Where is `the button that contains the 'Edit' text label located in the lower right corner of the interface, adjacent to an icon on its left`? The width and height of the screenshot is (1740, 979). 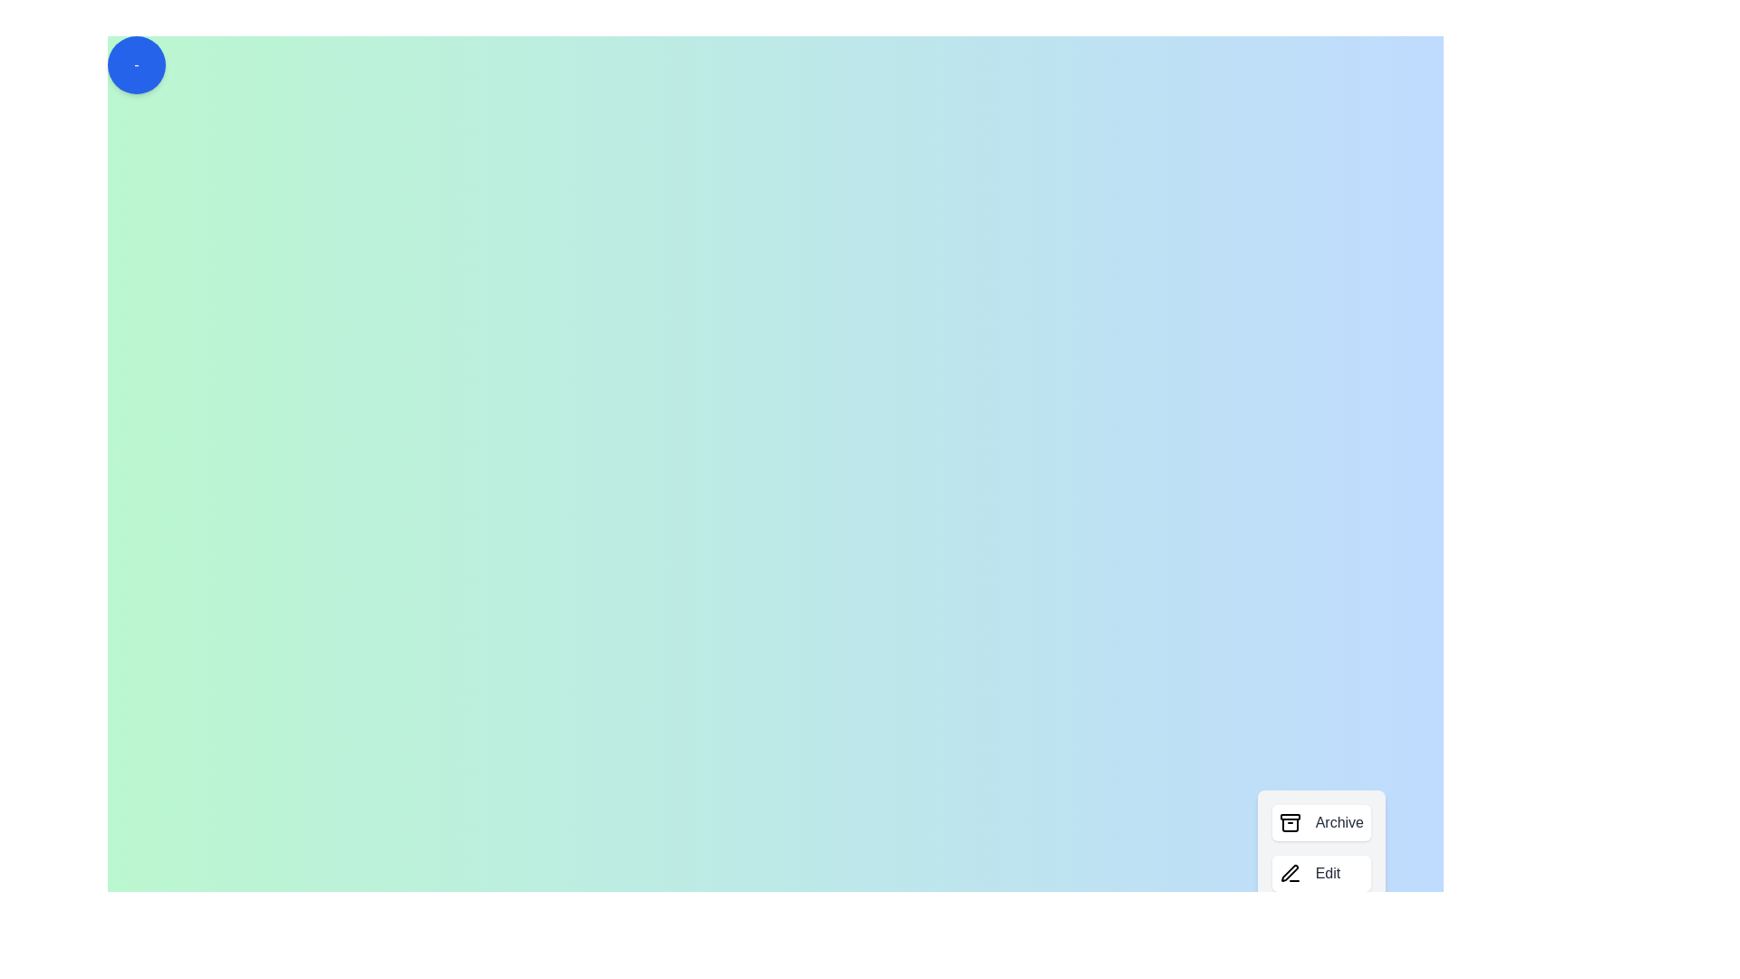 the button that contains the 'Edit' text label located in the lower right corner of the interface, adjacent to an icon on its left is located at coordinates (1327, 873).